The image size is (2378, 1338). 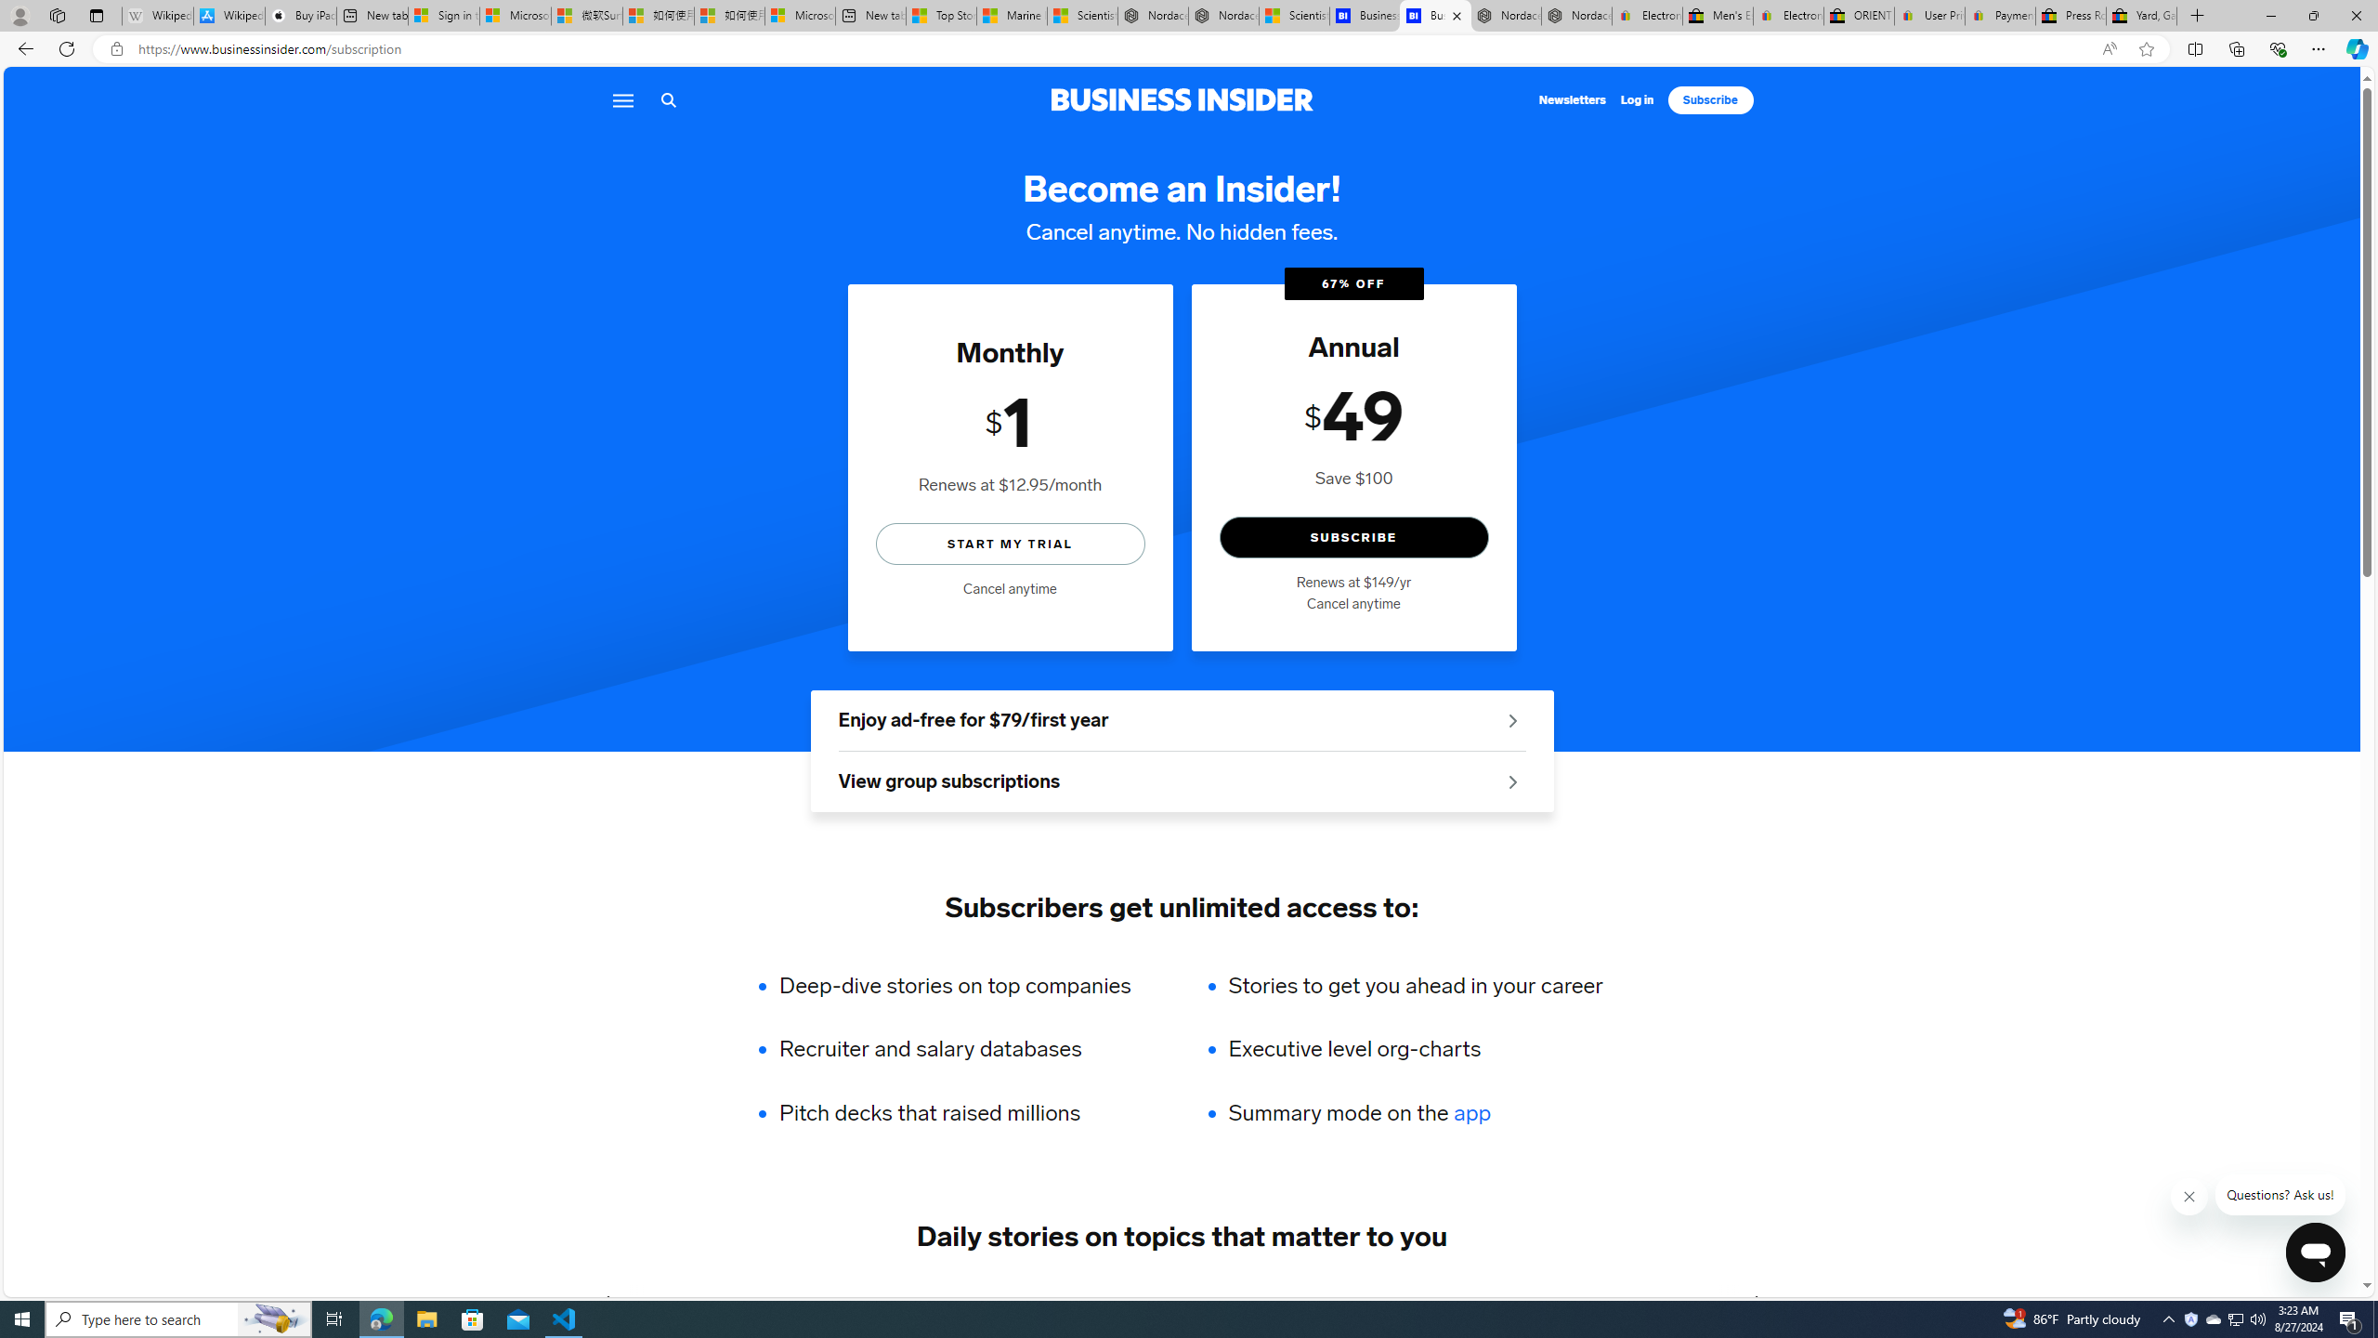 What do you see at coordinates (1011, 542) in the screenshot?
I see `'START MY TRIAL'` at bounding box center [1011, 542].